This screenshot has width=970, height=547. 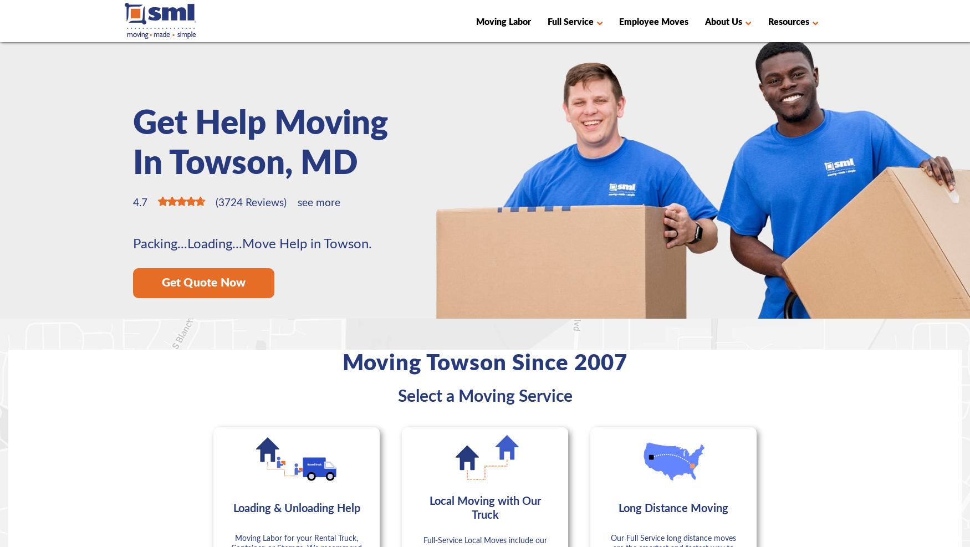 What do you see at coordinates (485, 363) in the screenshot?
I see `'Moving Towson Since 2007'` at bounding box center [485, 363].